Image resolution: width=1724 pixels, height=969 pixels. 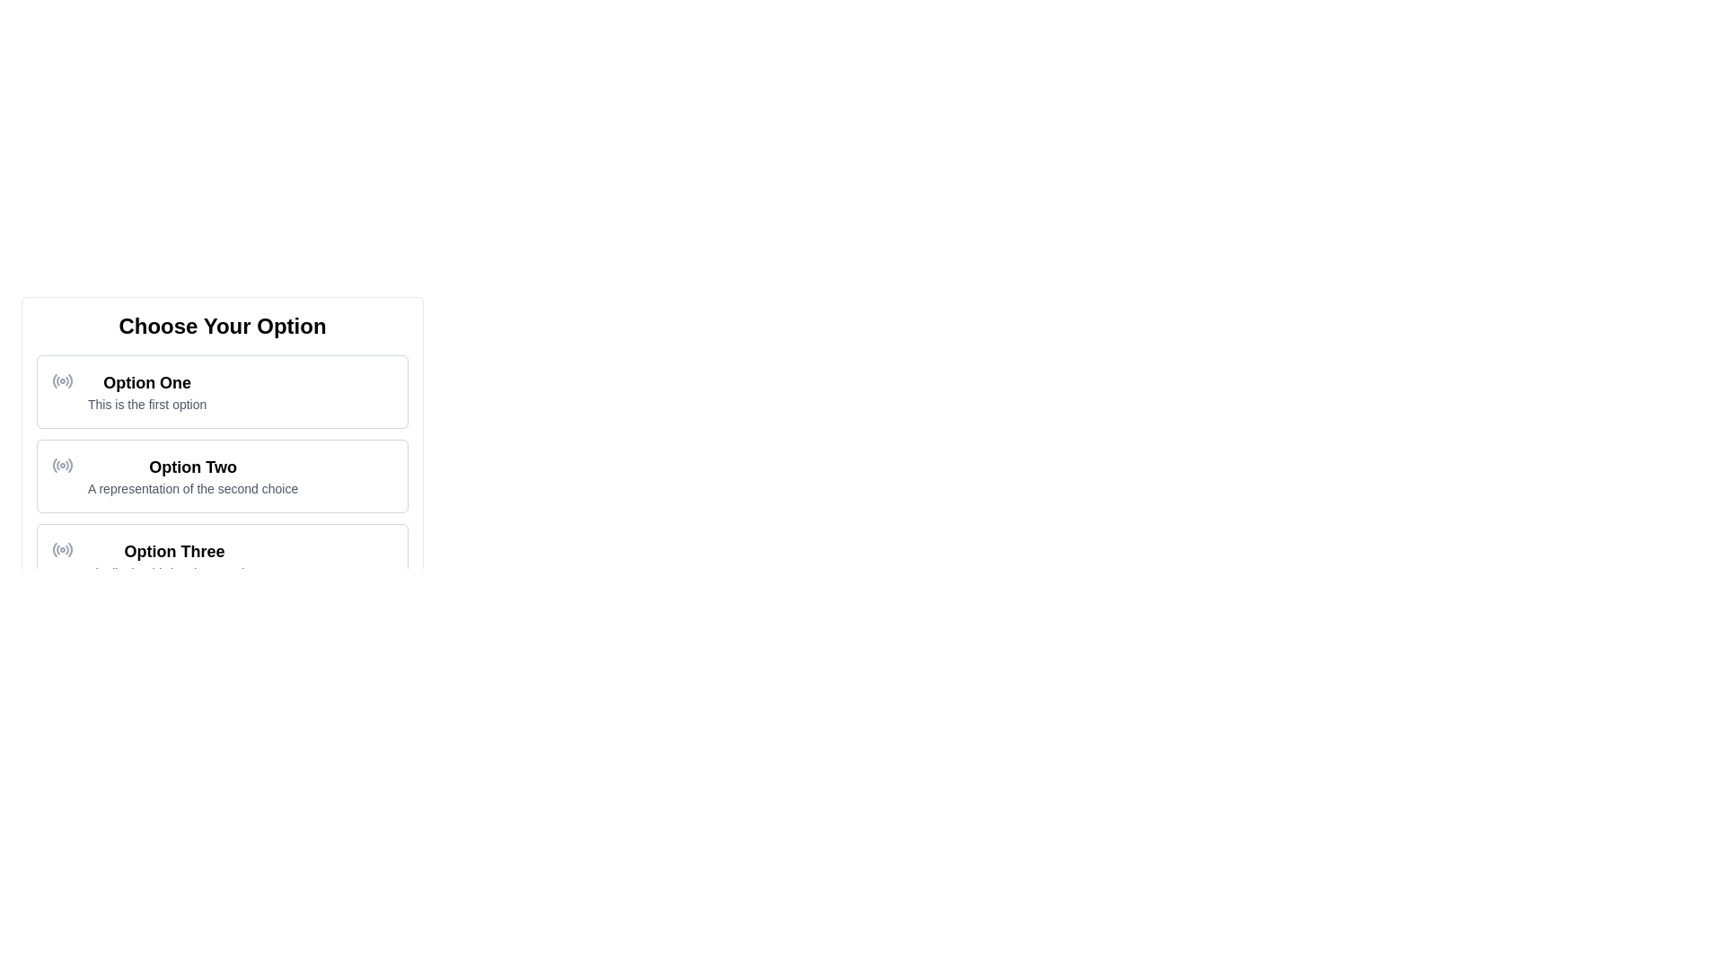 I want to click on the option associated with the 'Option Three' text label, which is bold and prominently displayed as the third option in the list under the section 'Choose Your Option', so click(x=174, y=550).